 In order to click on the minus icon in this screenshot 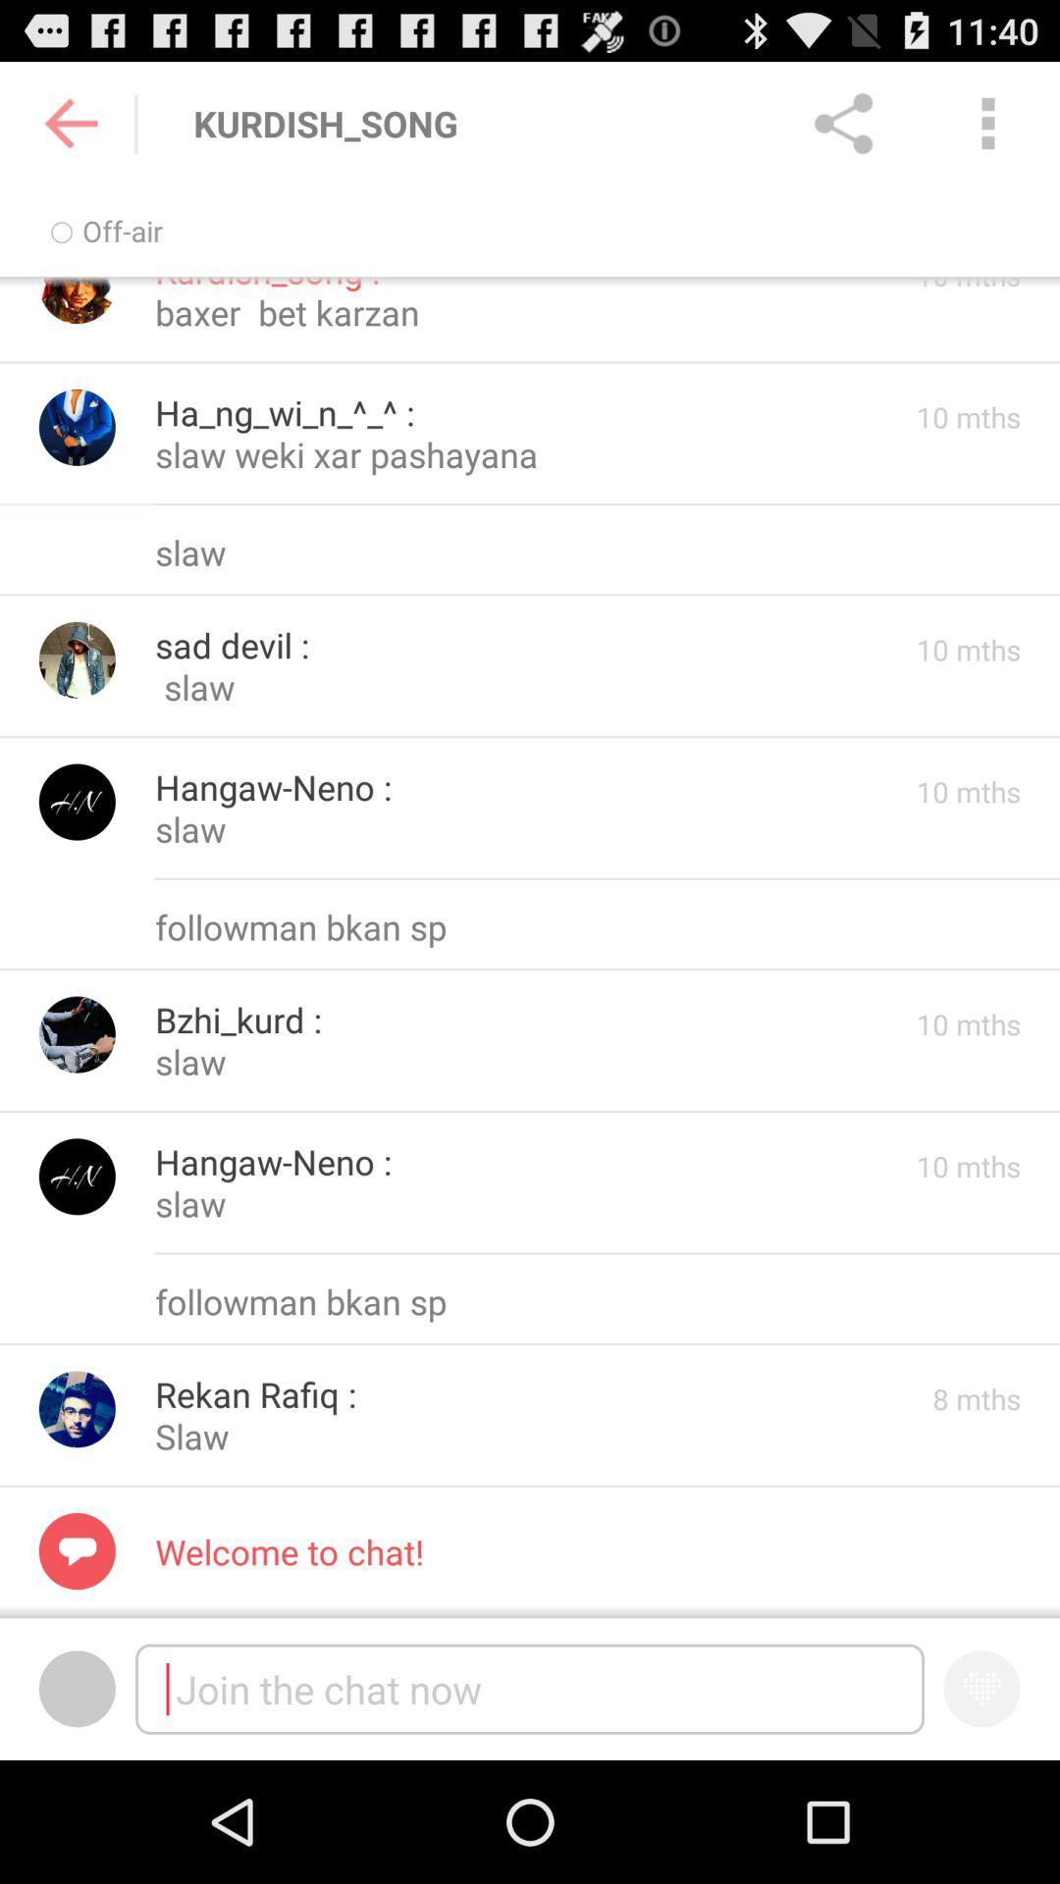, I will do `click(641, 961)`.